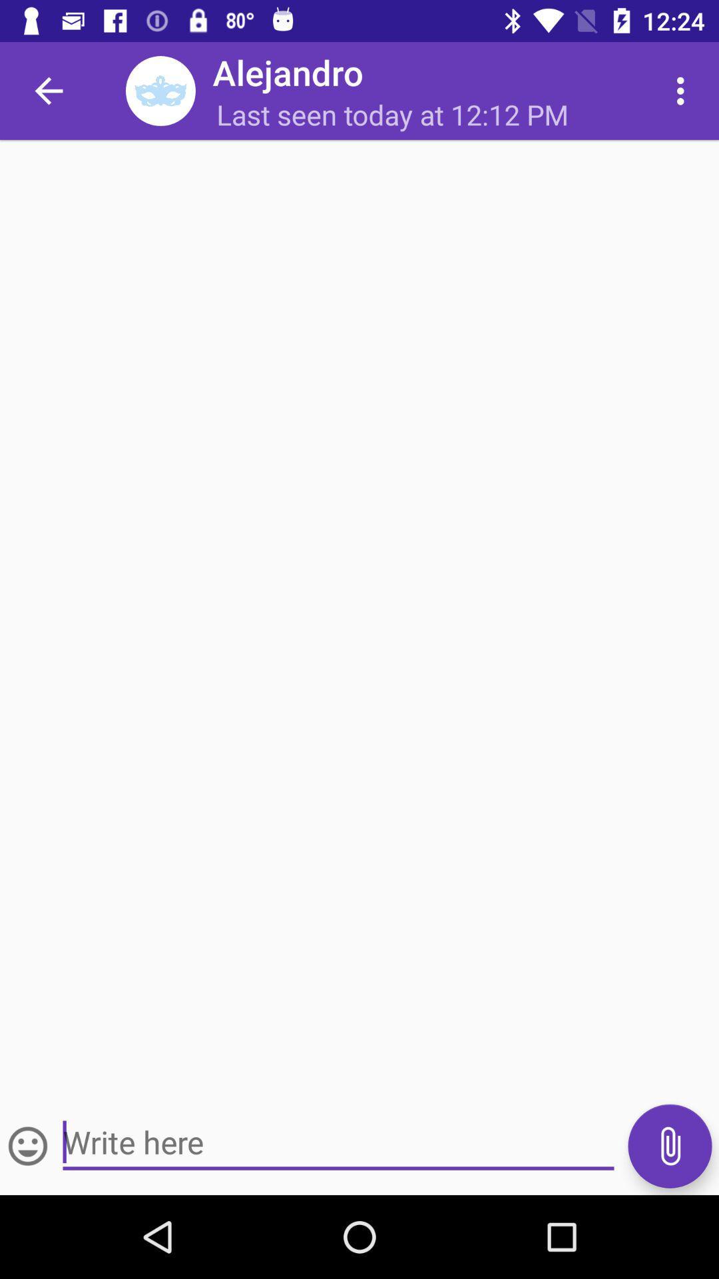 Image resolution: width=719 pixels, height=1279 pixels. What do you see at coordinates (28, 1145) in the screenshot?
I see `emoji` at bounding box center [28, 1145].